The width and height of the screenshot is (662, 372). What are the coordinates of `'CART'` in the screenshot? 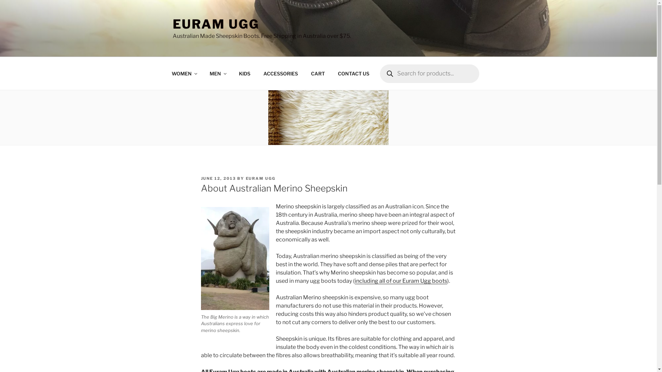 It's located at (304, 73).